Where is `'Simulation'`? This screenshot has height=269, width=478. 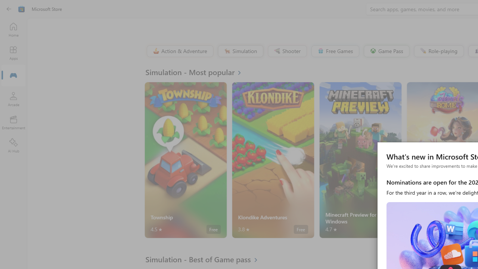
'Simulation' is located at coordinates (240, 50).